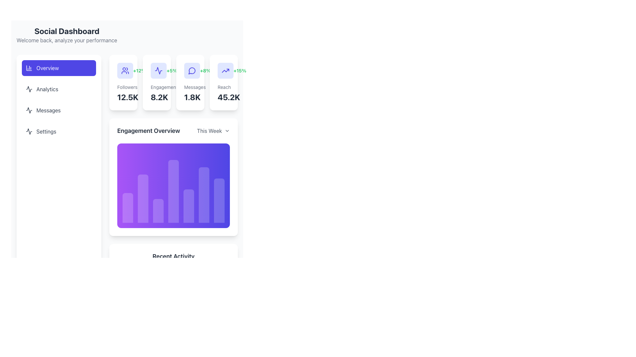 The height and width of the screenshot is (357, 636). I want to click on the trending up icon within the fourth metric card in the dashboard section, so click(226, 70).